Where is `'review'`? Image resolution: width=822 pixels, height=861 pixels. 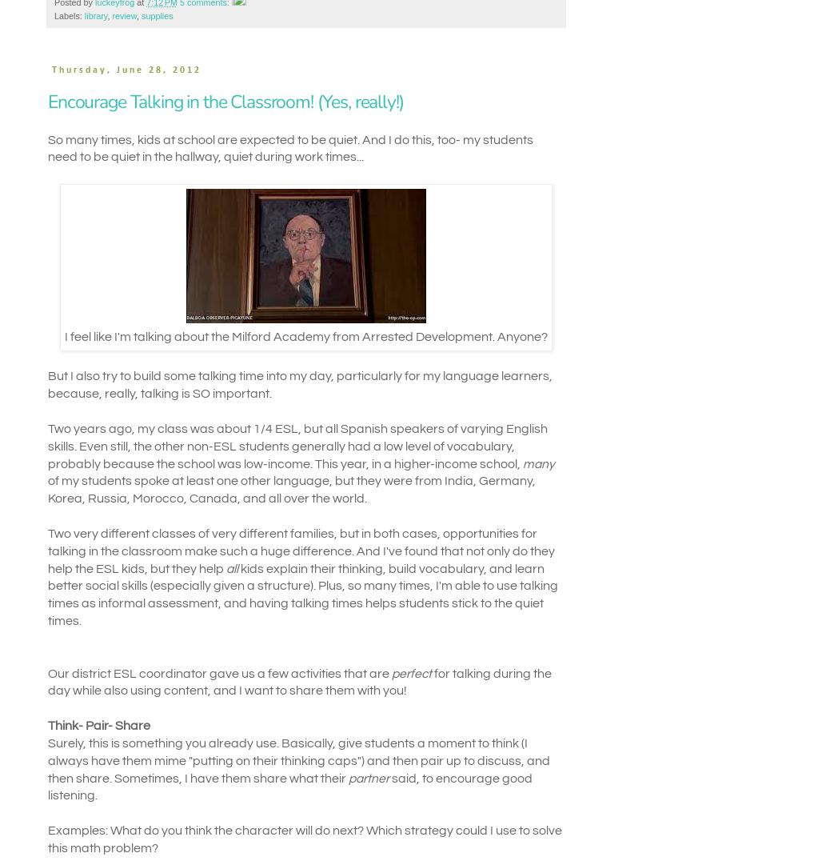
'review' is located at coordinates (124, 15).